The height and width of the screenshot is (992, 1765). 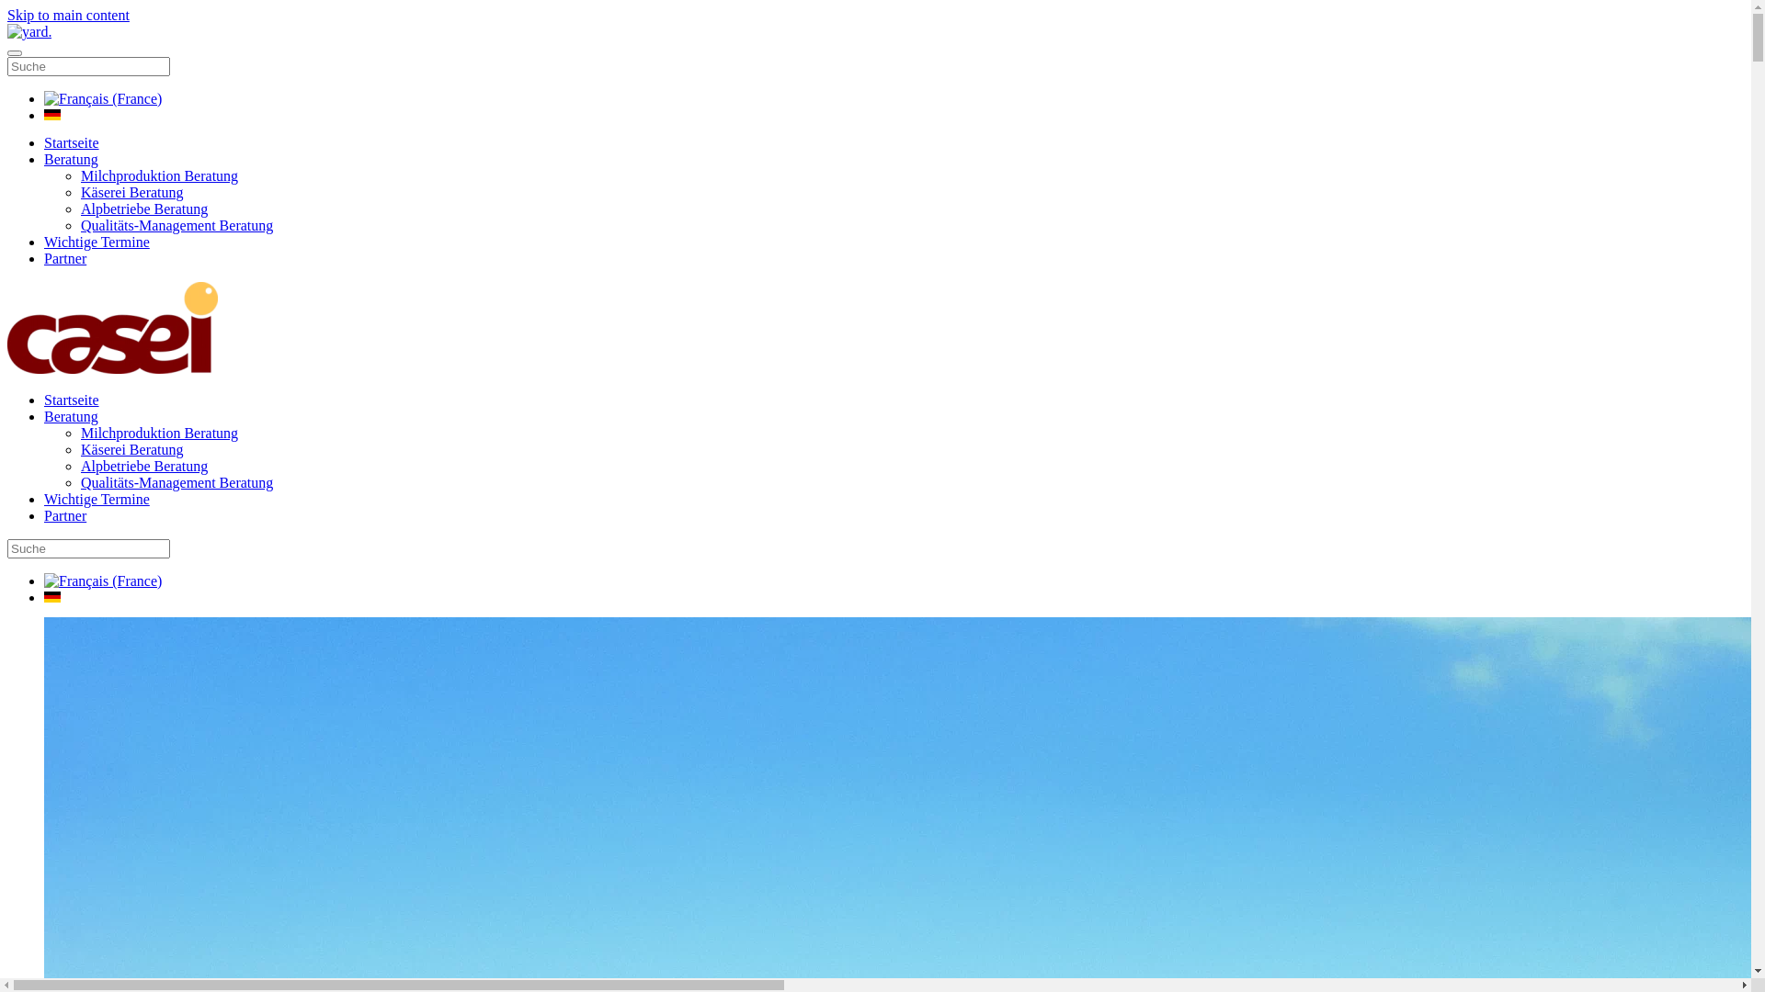 What do you see at coordinates (52, 597) in the screenshot?
I see `'Deutsch (Deutschland)'` at bounding box center [52, 597].